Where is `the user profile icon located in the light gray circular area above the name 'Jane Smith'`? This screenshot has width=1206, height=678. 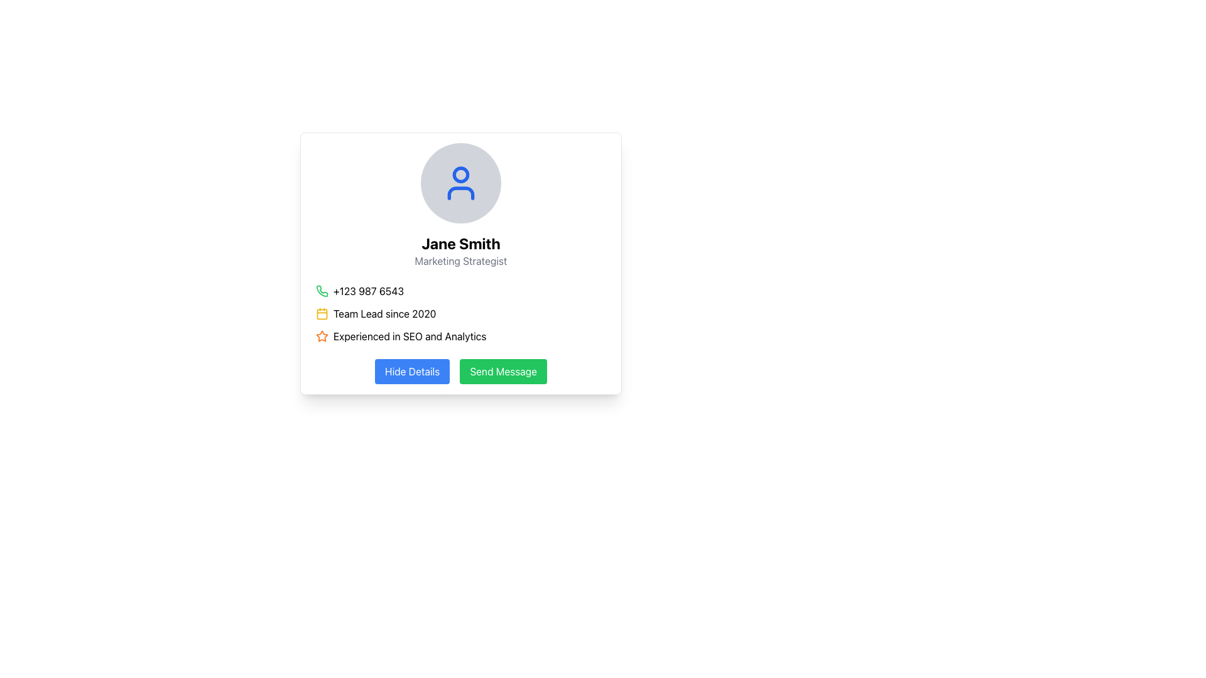
the user profile icon located in the light gray circular area above the name 'Jane Smith' is located at coordinates (460, 183).